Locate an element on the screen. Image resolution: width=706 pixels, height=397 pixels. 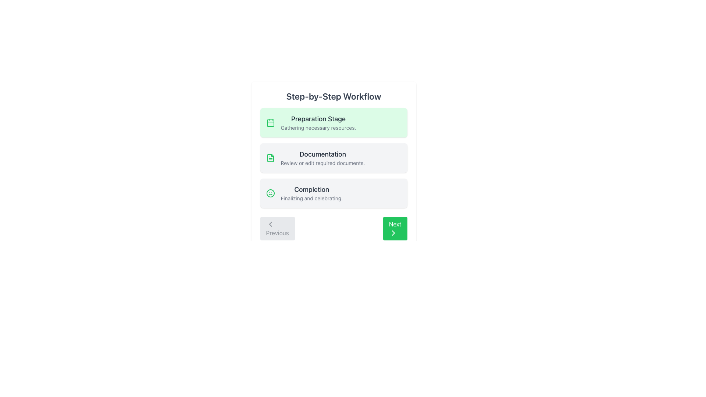
the information displayed within the descriptive box containing the word 'Completion' and the text 'Finalizing and celebrating.' is located at coordinates (333, 193).